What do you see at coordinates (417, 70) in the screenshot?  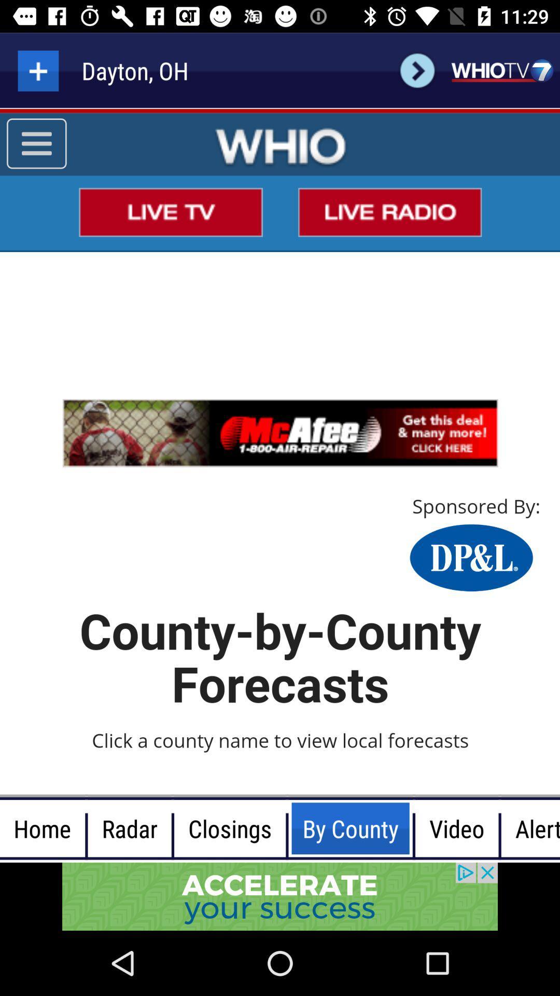 I see `the button right to the dayton oh` at bounding box center [417, 70].